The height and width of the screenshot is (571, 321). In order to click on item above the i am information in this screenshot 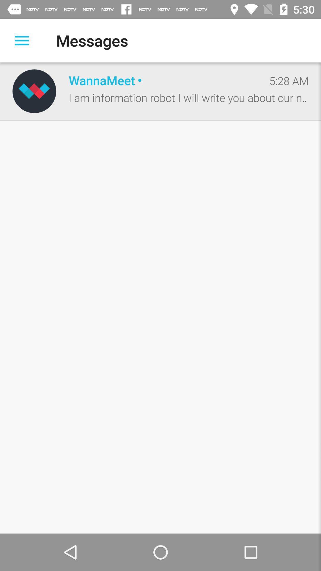, I will do `click(163, 80)`.